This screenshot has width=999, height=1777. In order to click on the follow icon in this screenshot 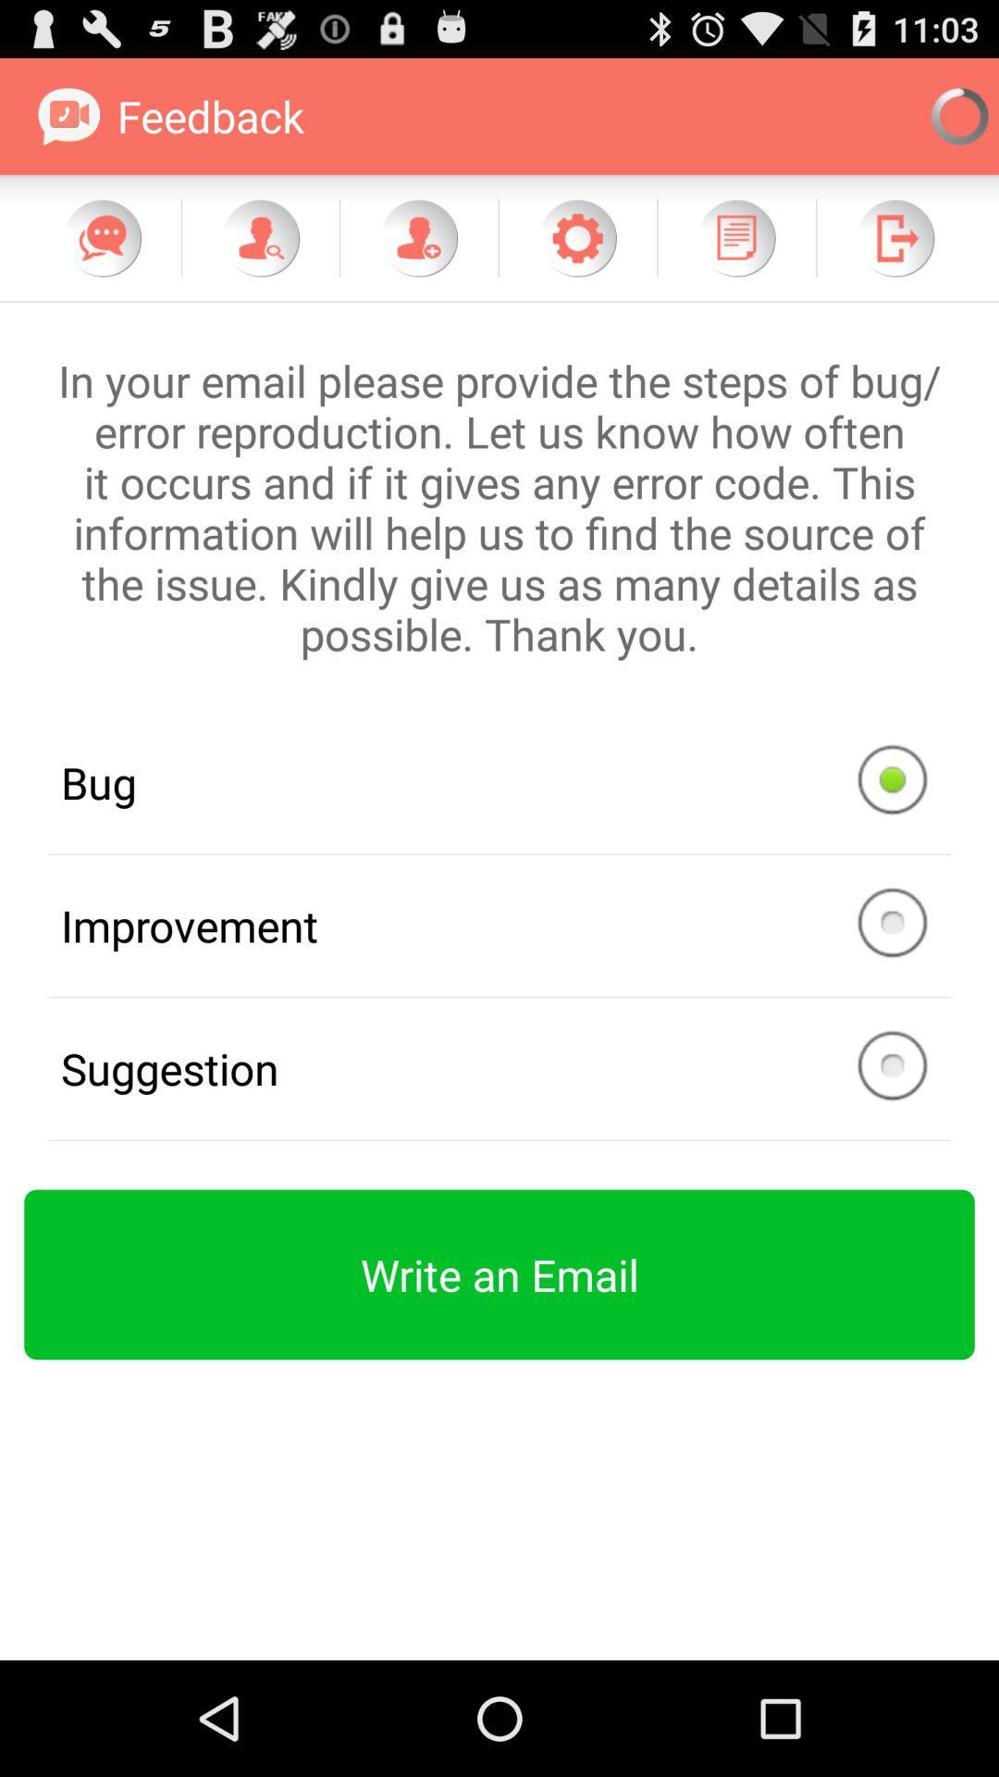, I will do `click(260, 254)`.